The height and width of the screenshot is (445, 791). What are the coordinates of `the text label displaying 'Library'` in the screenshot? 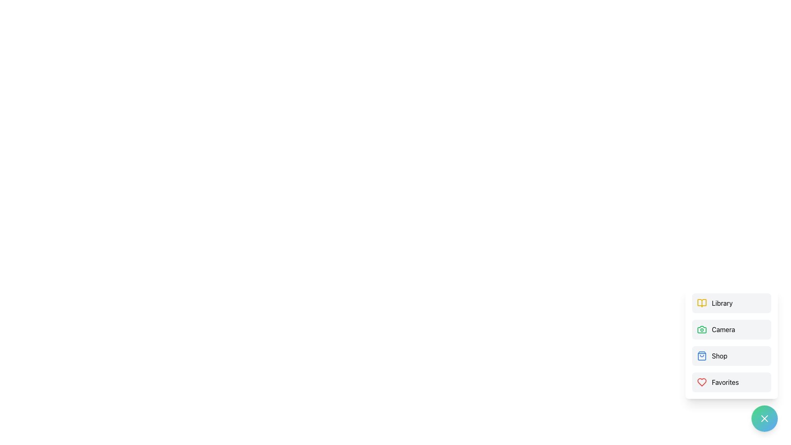 It's located at (722, 303).